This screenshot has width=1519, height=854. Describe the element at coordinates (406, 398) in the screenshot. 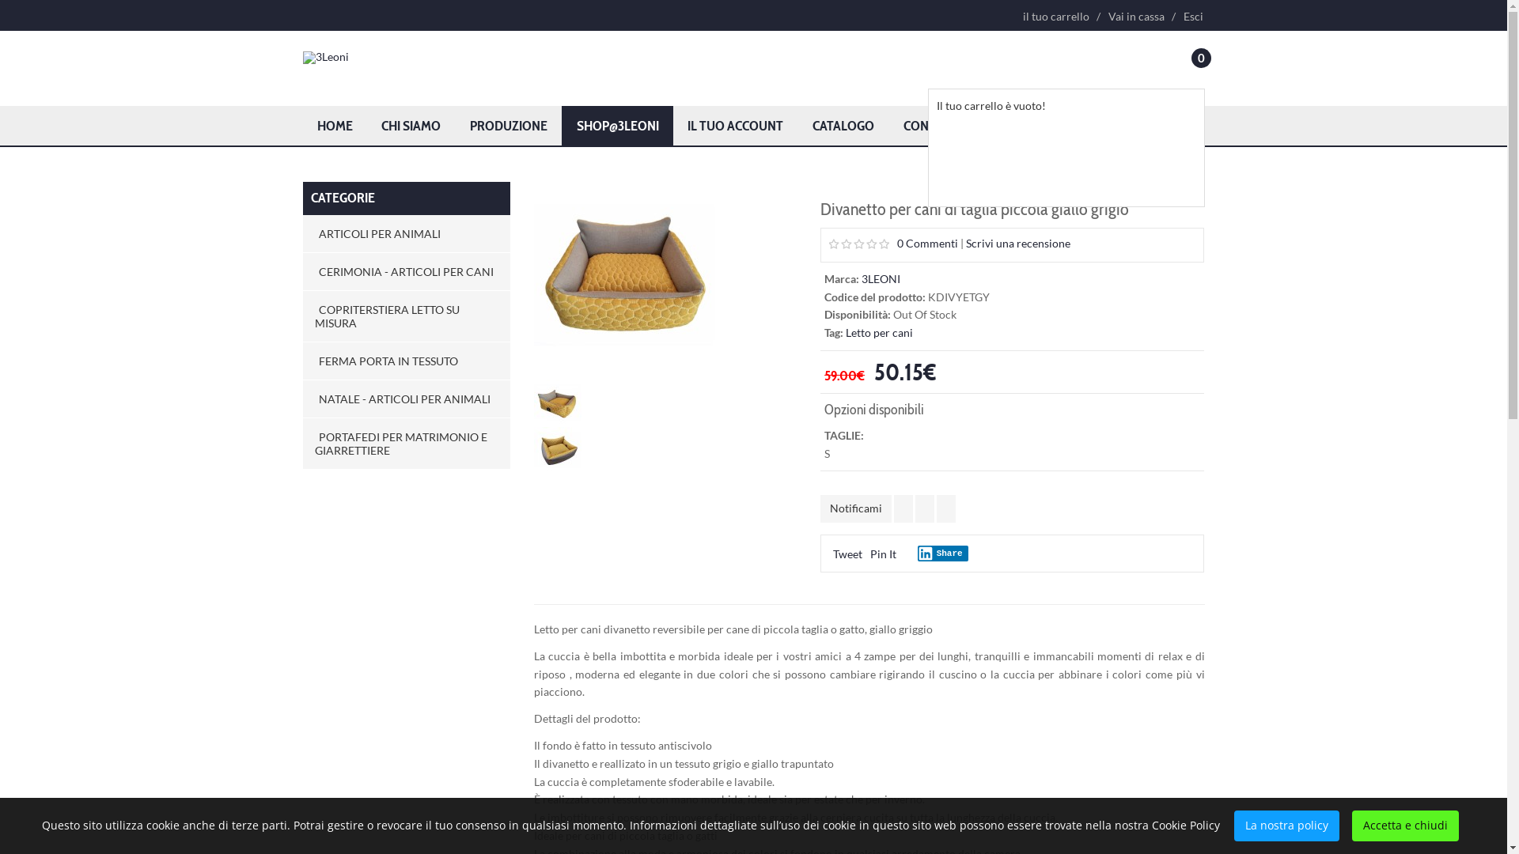

I see `'NATALE - ARTICOLI PER ANIMALI'` at that location.